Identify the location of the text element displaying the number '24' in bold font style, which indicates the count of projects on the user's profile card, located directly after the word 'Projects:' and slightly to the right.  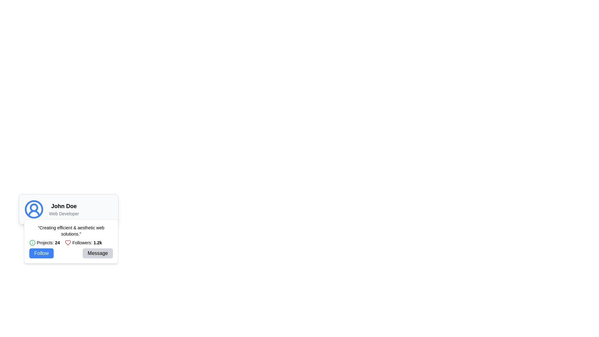
(57, 242).